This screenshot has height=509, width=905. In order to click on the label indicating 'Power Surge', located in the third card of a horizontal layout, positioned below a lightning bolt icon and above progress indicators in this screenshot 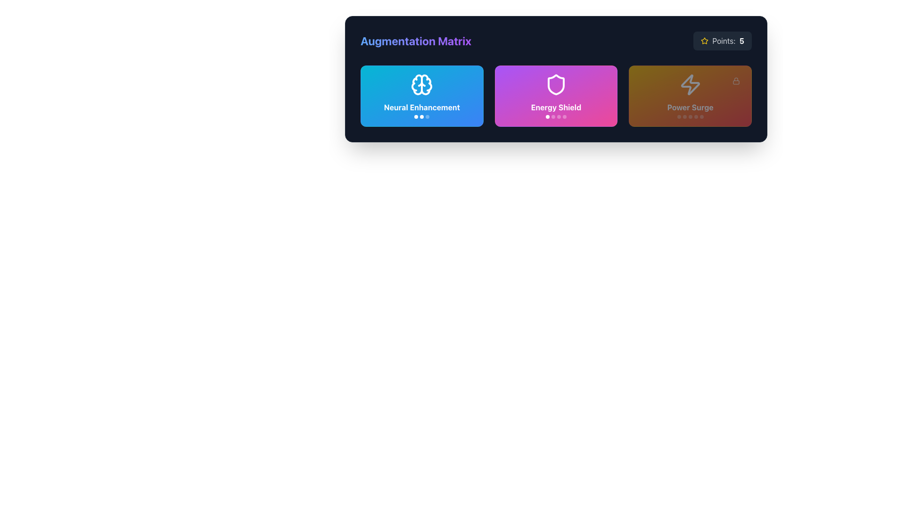, I will do `click(690, 107)`.